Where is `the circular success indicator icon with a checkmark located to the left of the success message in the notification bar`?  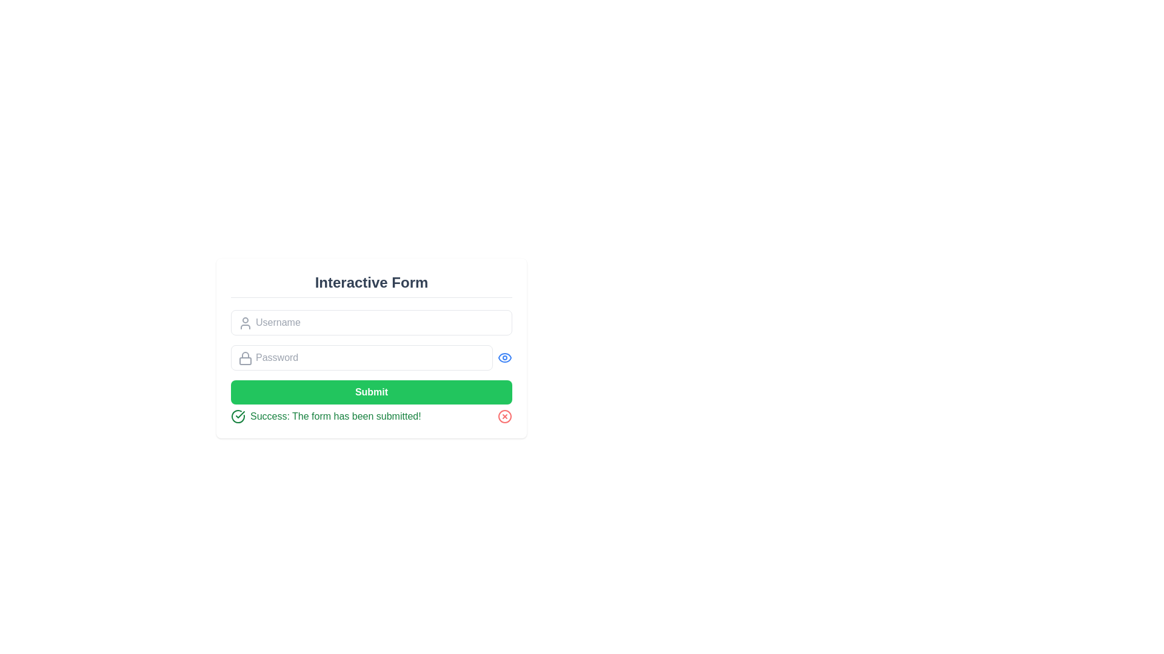
the circular success indicator icon with a checkmark located to the left of the success message in the notification bar is located at coordinates (238, 415).